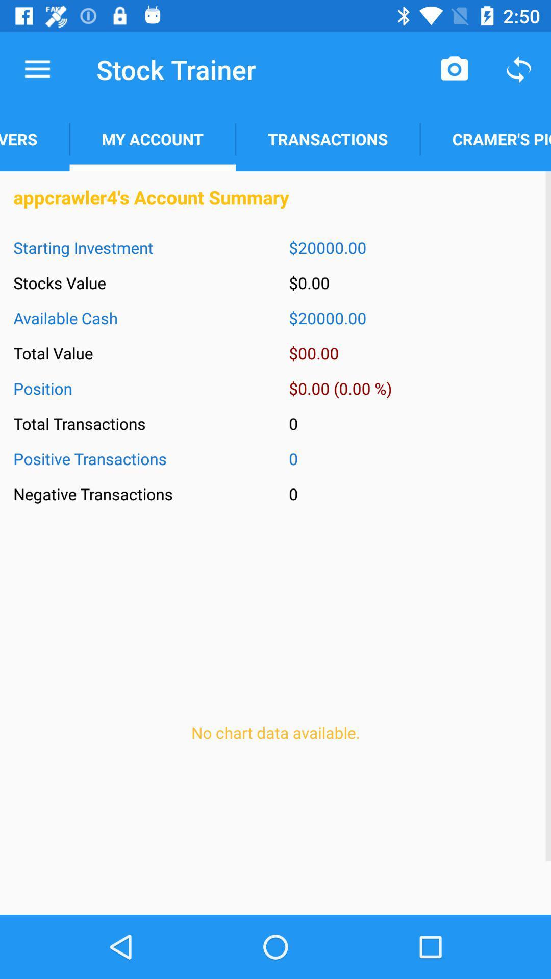  I want to click on the app above transactions app, so click(454, 69).